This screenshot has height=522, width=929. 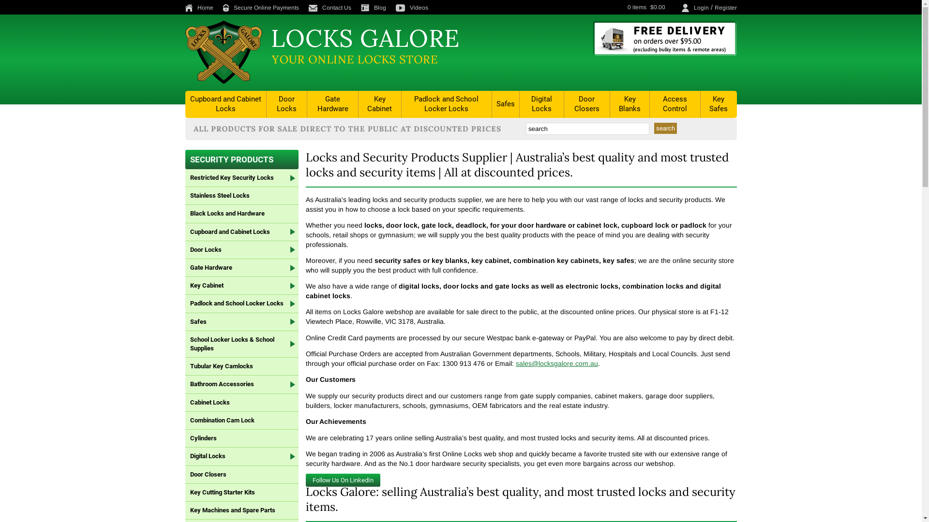 I want to click on 'Secure Online Payments', so click(x=264, y=7).